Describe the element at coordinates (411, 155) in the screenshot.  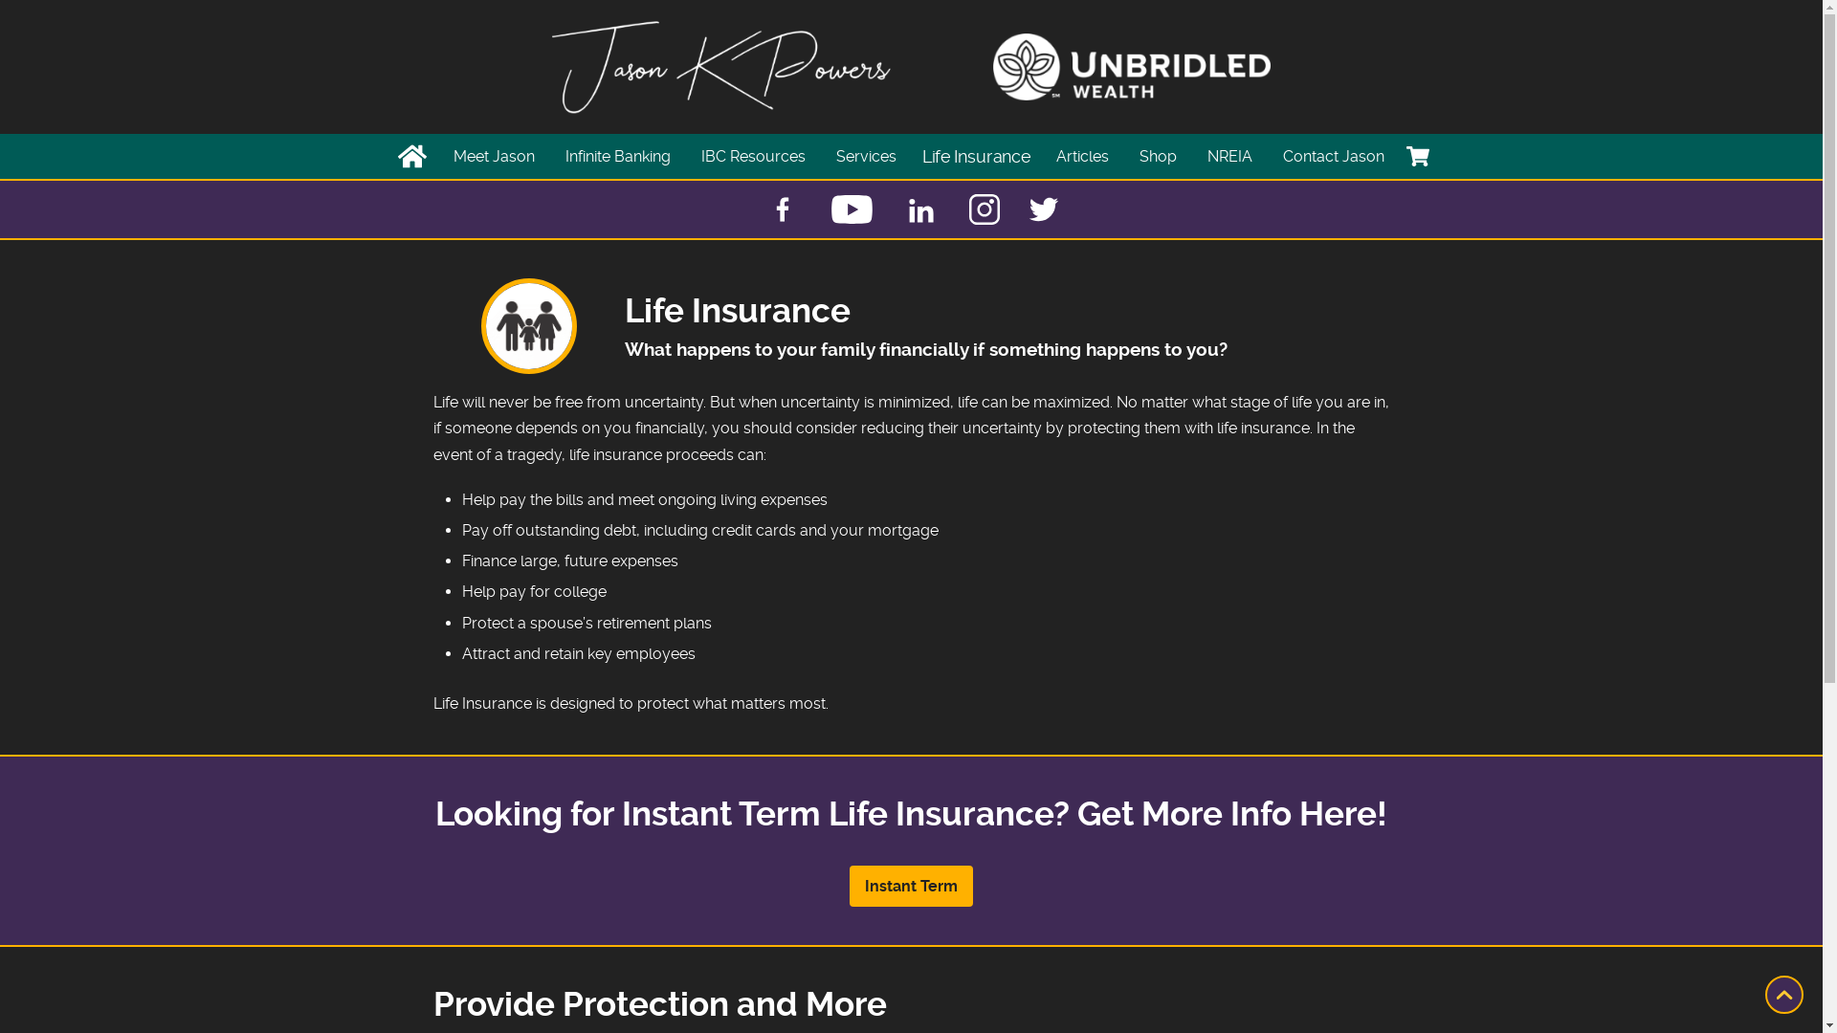
I see `'Home'` at that location.